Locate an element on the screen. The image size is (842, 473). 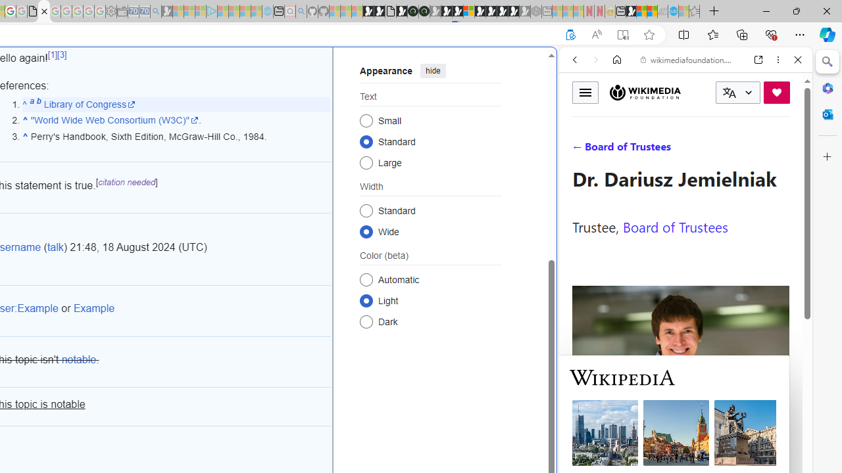
'Wide' is located at coordinates (366, 231).